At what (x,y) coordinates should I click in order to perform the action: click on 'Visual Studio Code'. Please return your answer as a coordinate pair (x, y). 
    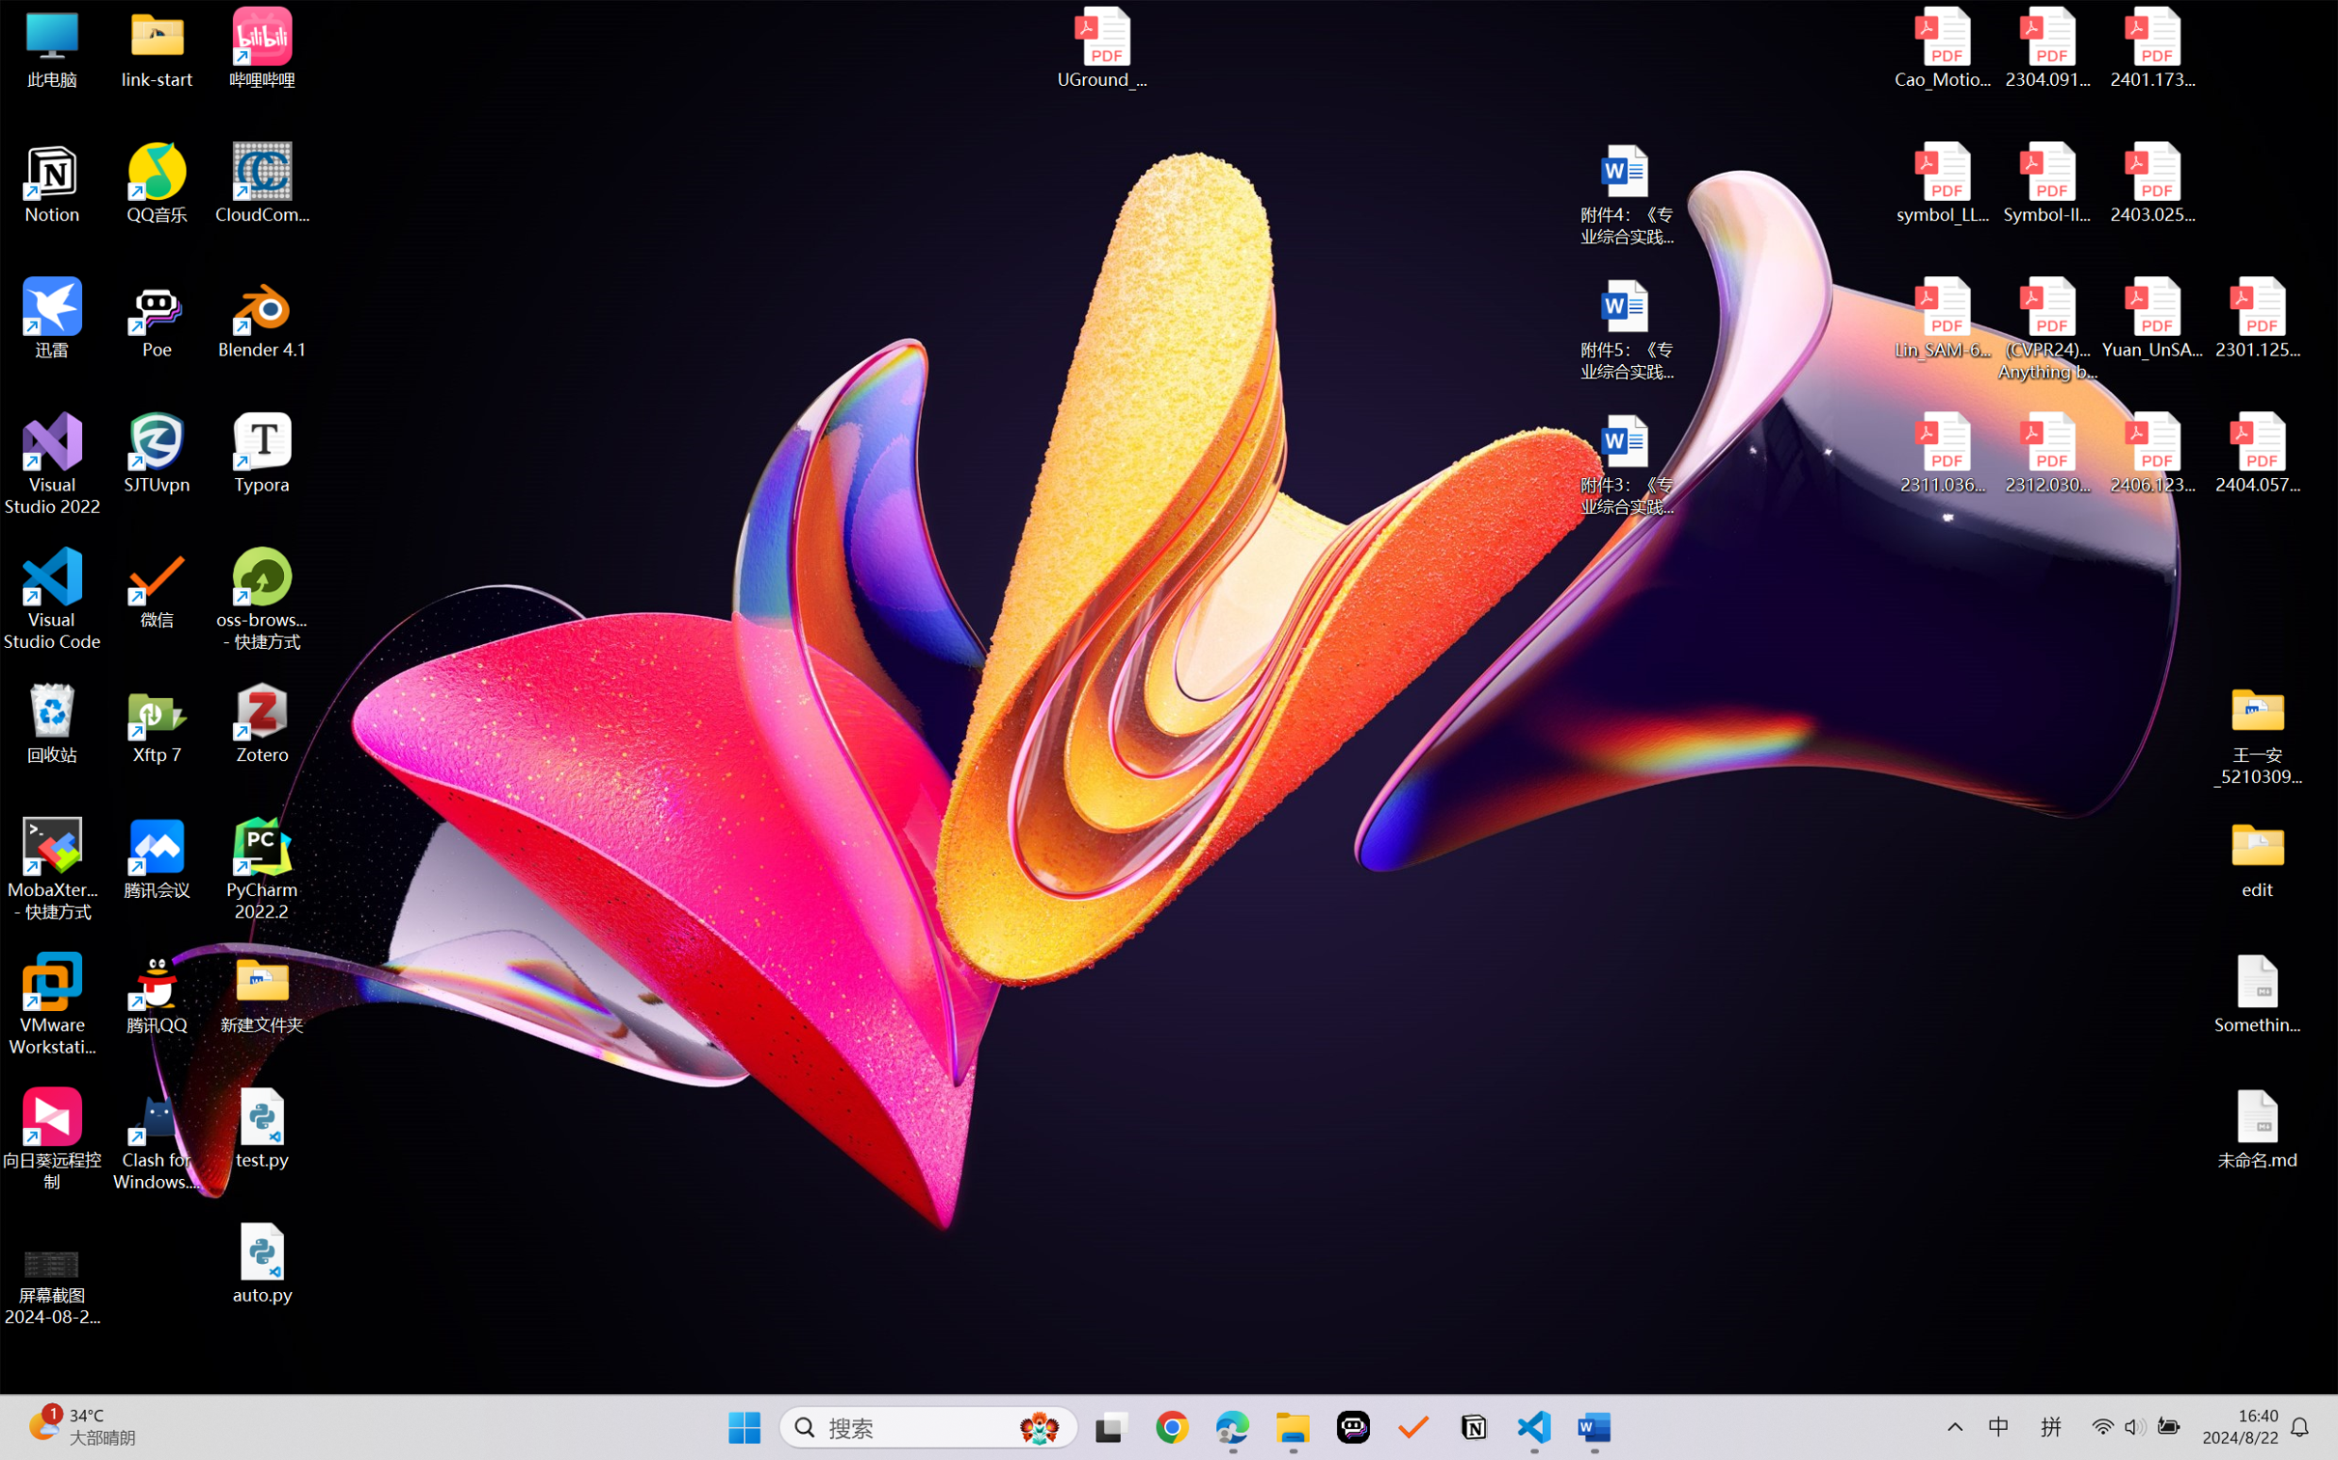
    Looking at the image, I should click on (51, 598).